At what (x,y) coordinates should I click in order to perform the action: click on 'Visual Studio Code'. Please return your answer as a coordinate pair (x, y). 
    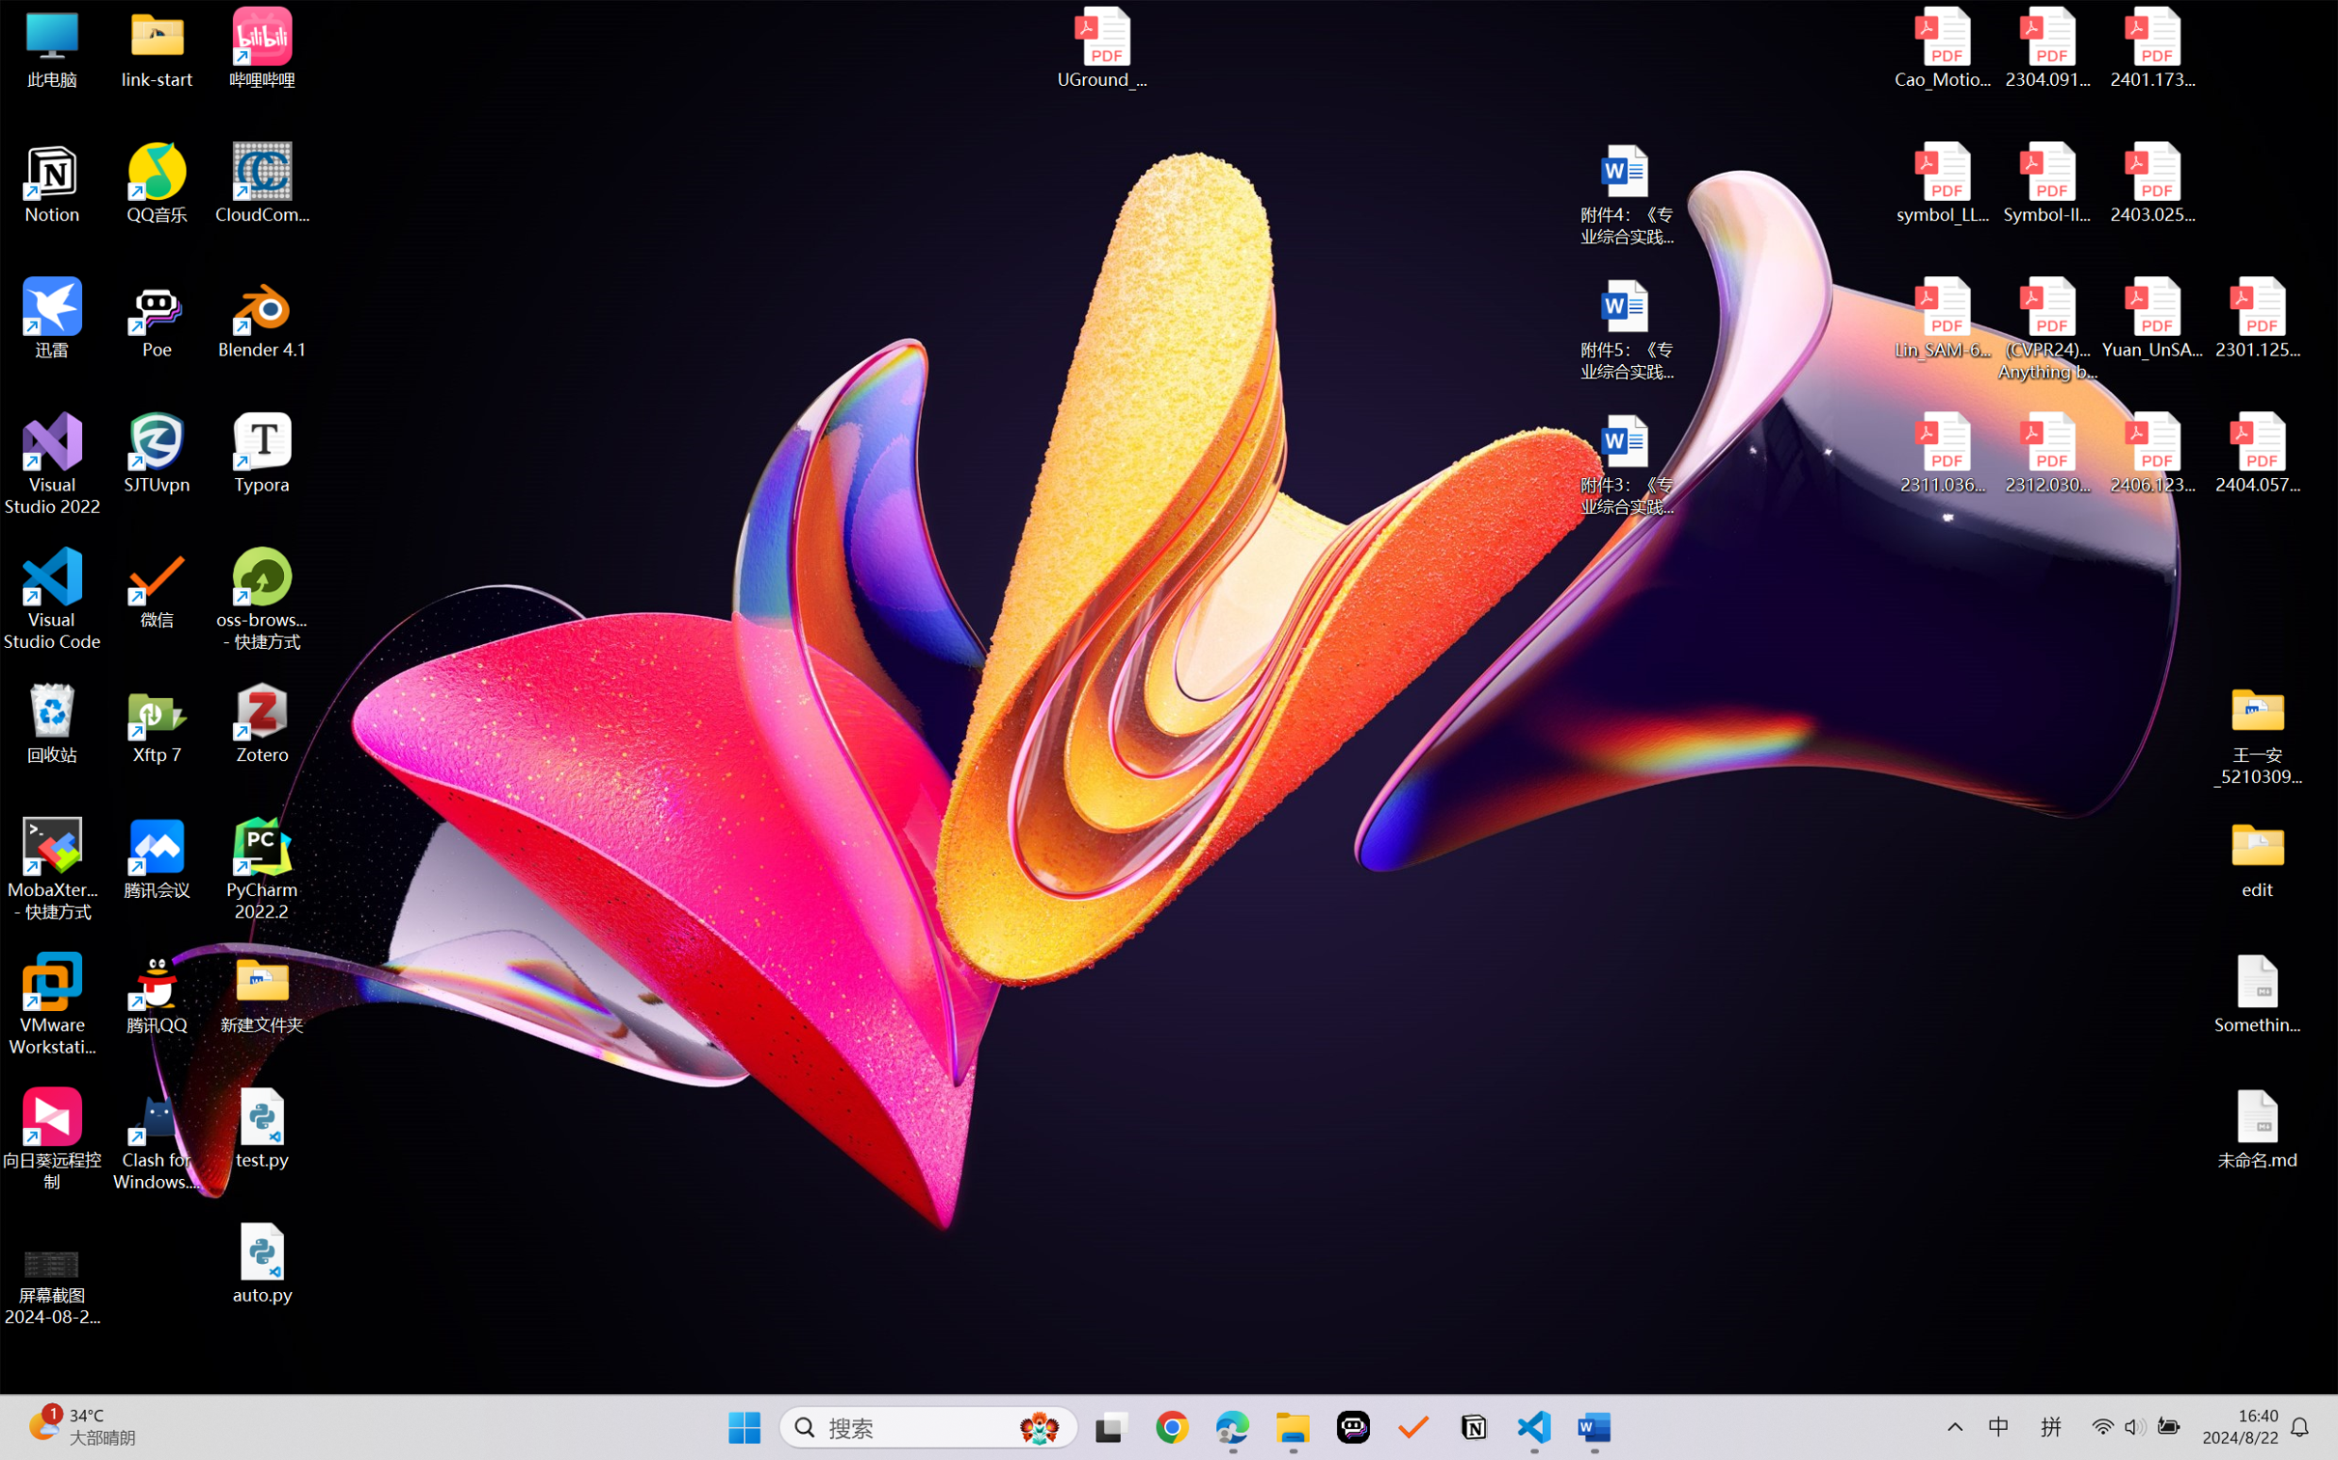
    Looking at the image, I should click on (51, 598).